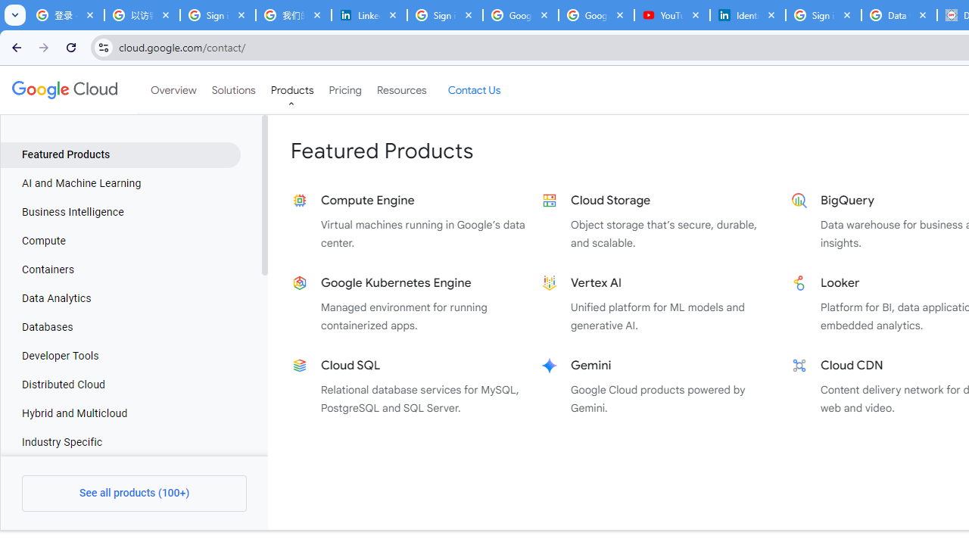 This screenshot has width=969, height=545. What do you see at coordinates (369, 15) in the screenshot?
I see `'LinkedIn Privacy Policy'` at bounding box center [369, 15].